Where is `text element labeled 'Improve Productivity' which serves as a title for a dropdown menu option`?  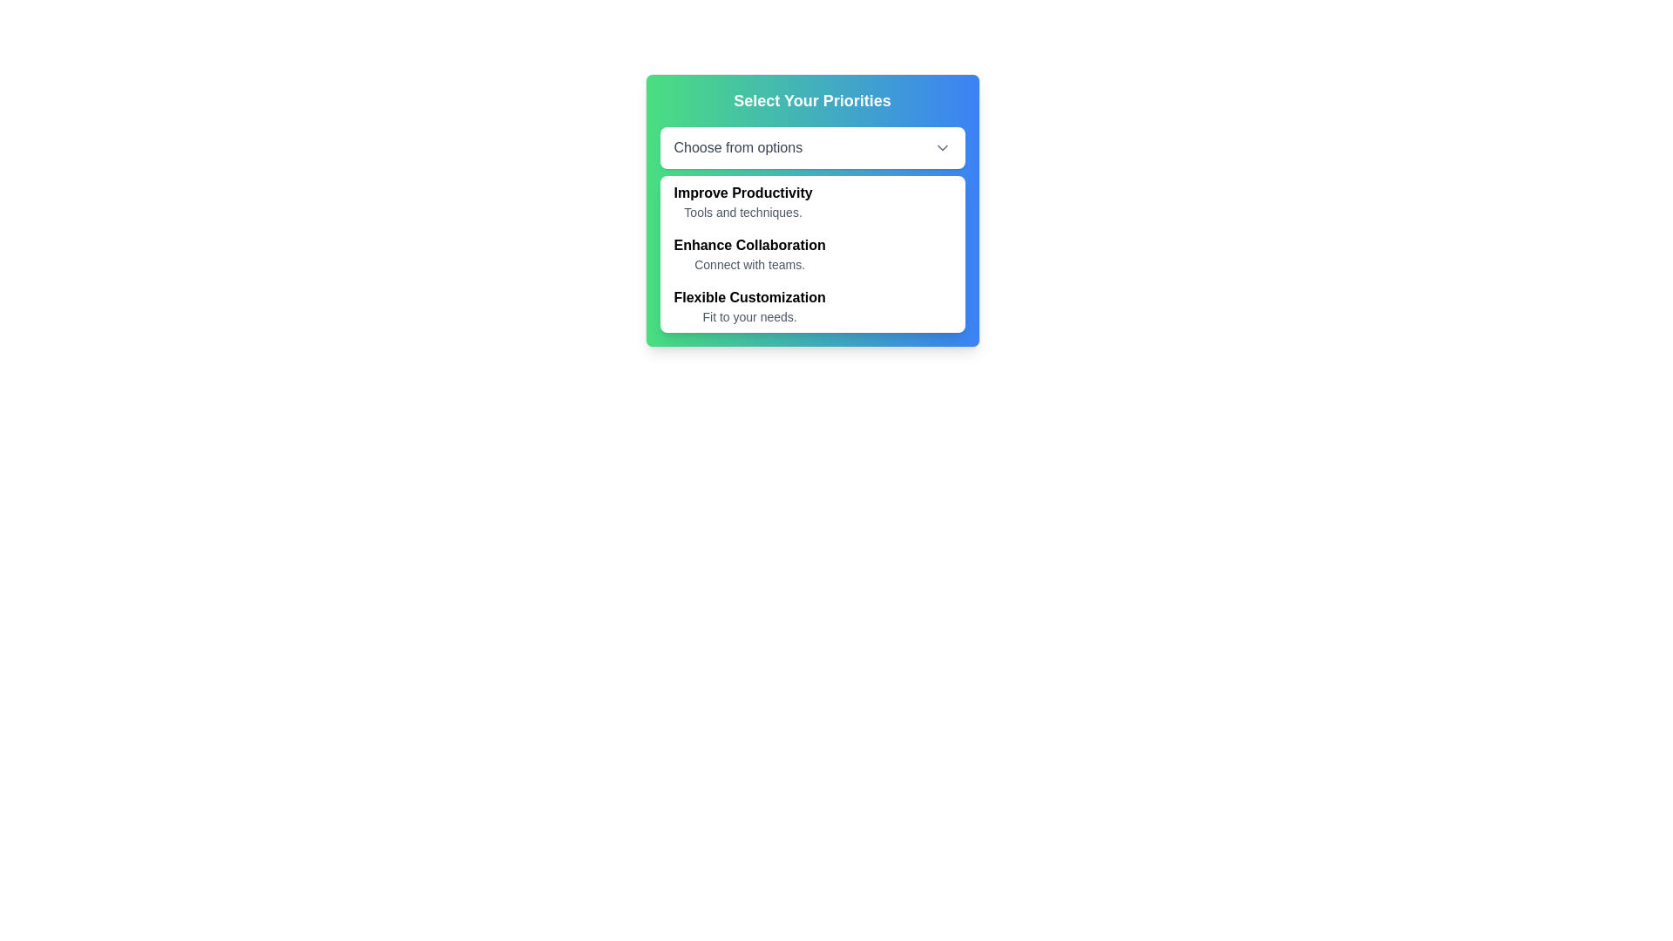
text element labeled 'Improve Productivity' which serves as a title for a dropdown menu option is located at coordinates (743, 193).